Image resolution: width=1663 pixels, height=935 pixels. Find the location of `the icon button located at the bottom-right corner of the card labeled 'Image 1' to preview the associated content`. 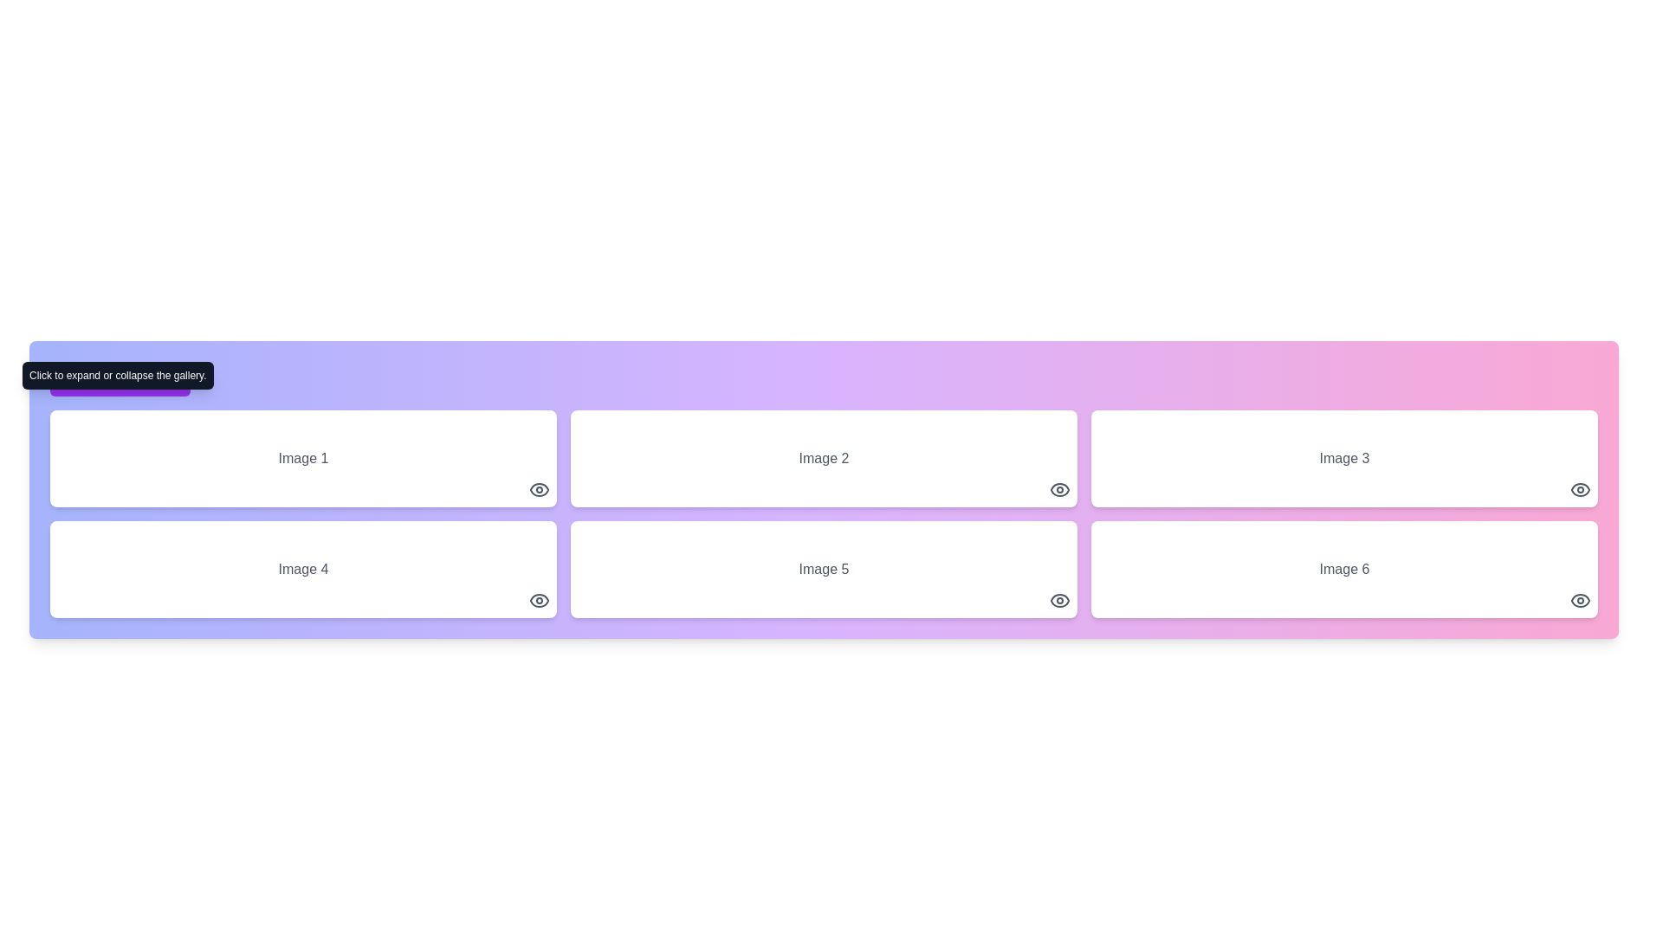

the icon button located at the bottom-right corner of the card labeled 'Image 1' to preview the associated content is located at coordinates (539, 490).